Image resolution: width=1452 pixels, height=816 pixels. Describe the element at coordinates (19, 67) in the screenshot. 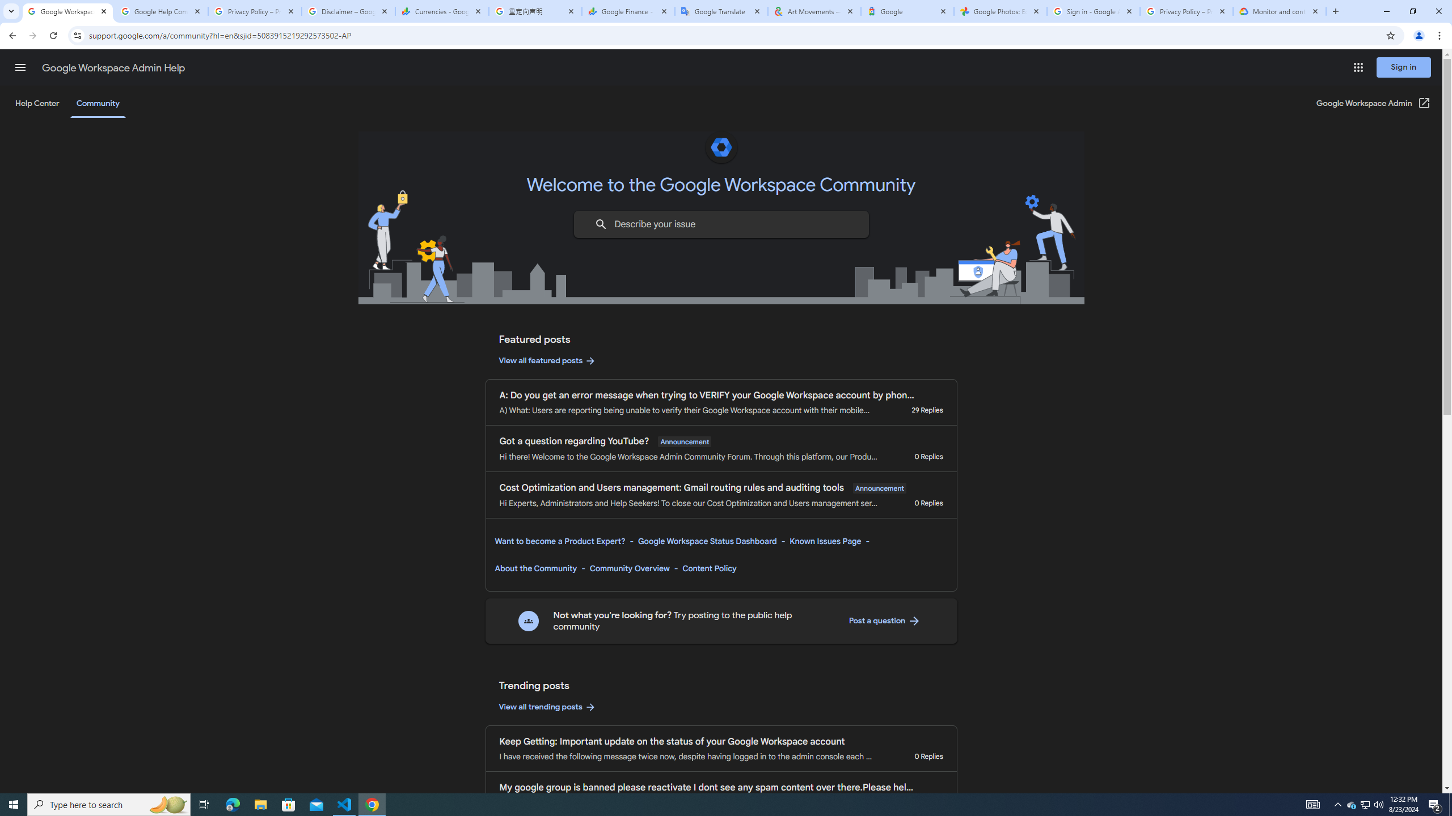

I see `'Main menu'` at that location.